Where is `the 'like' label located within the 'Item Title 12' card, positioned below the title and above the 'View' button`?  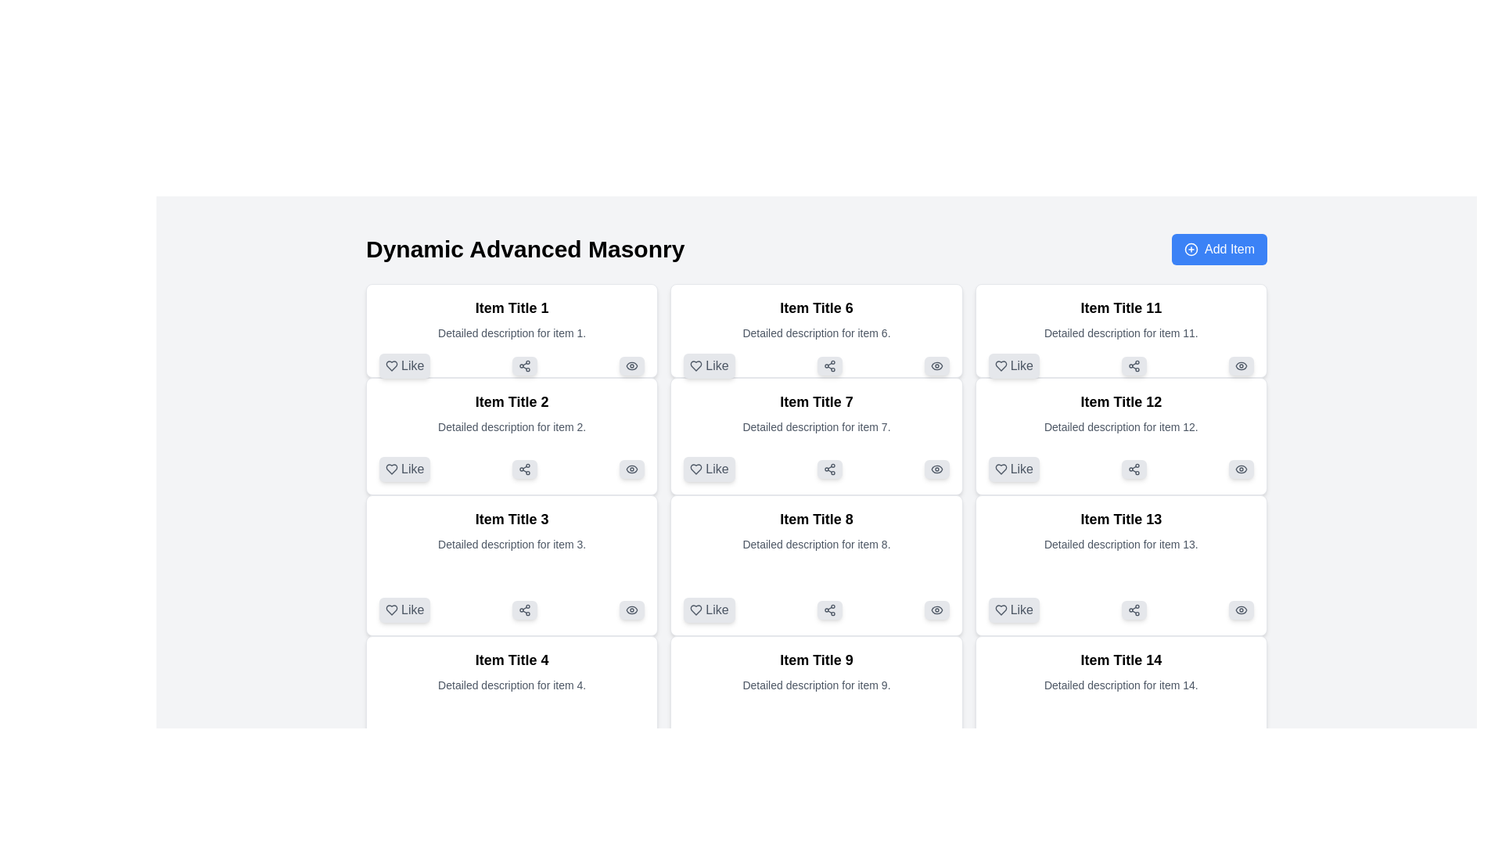
the 'like' label located within the 'Item Title 12' card, positioned below the title and above the 'View' button is located at coordinates (1022, 469).